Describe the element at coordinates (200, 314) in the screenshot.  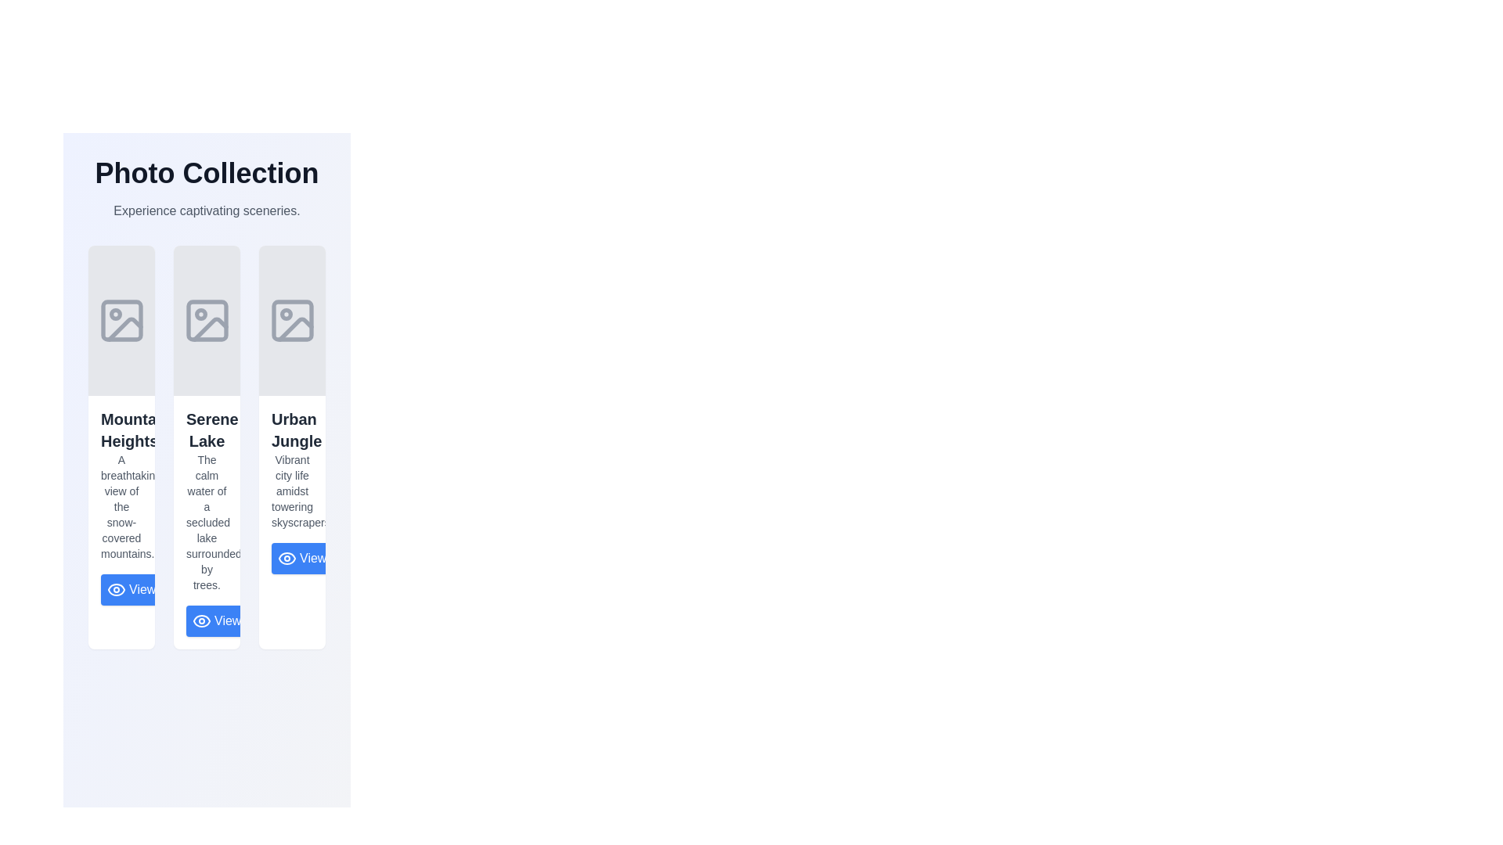
I see `Decorative Icon element, which is a small circular shape located at the center of the image placeholder icon in the card titled 'Serene Lake', the middle card in a row of three cards` at that location.